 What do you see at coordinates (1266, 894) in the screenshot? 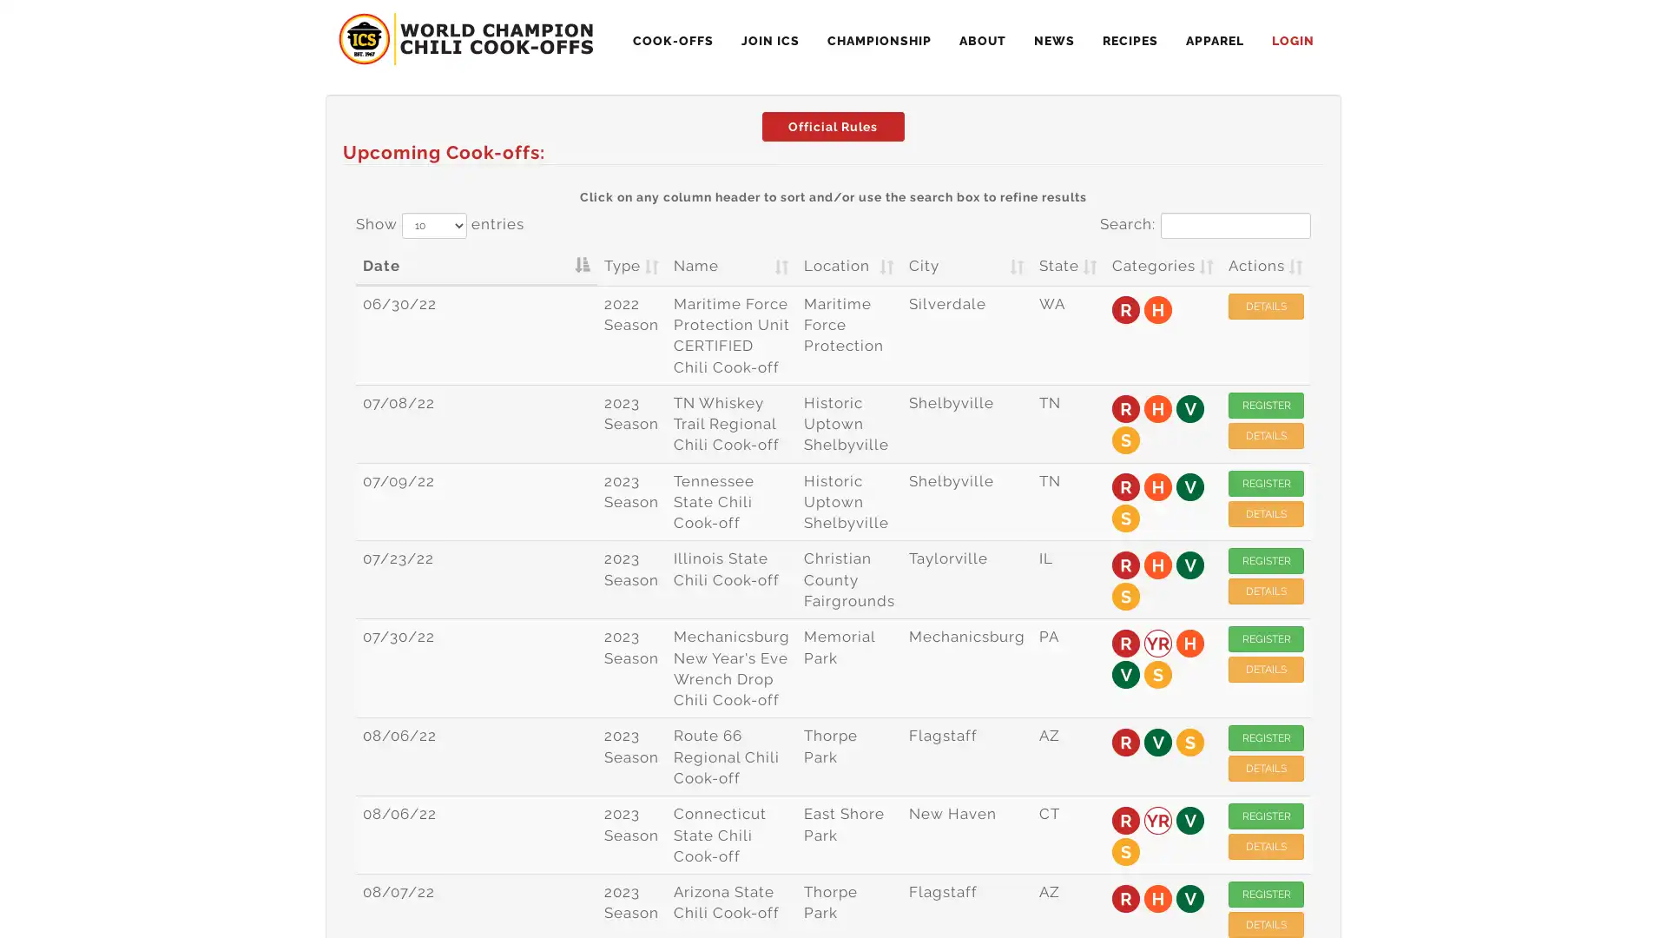
I see `REGISTER` at bounding box center [1266, 894].